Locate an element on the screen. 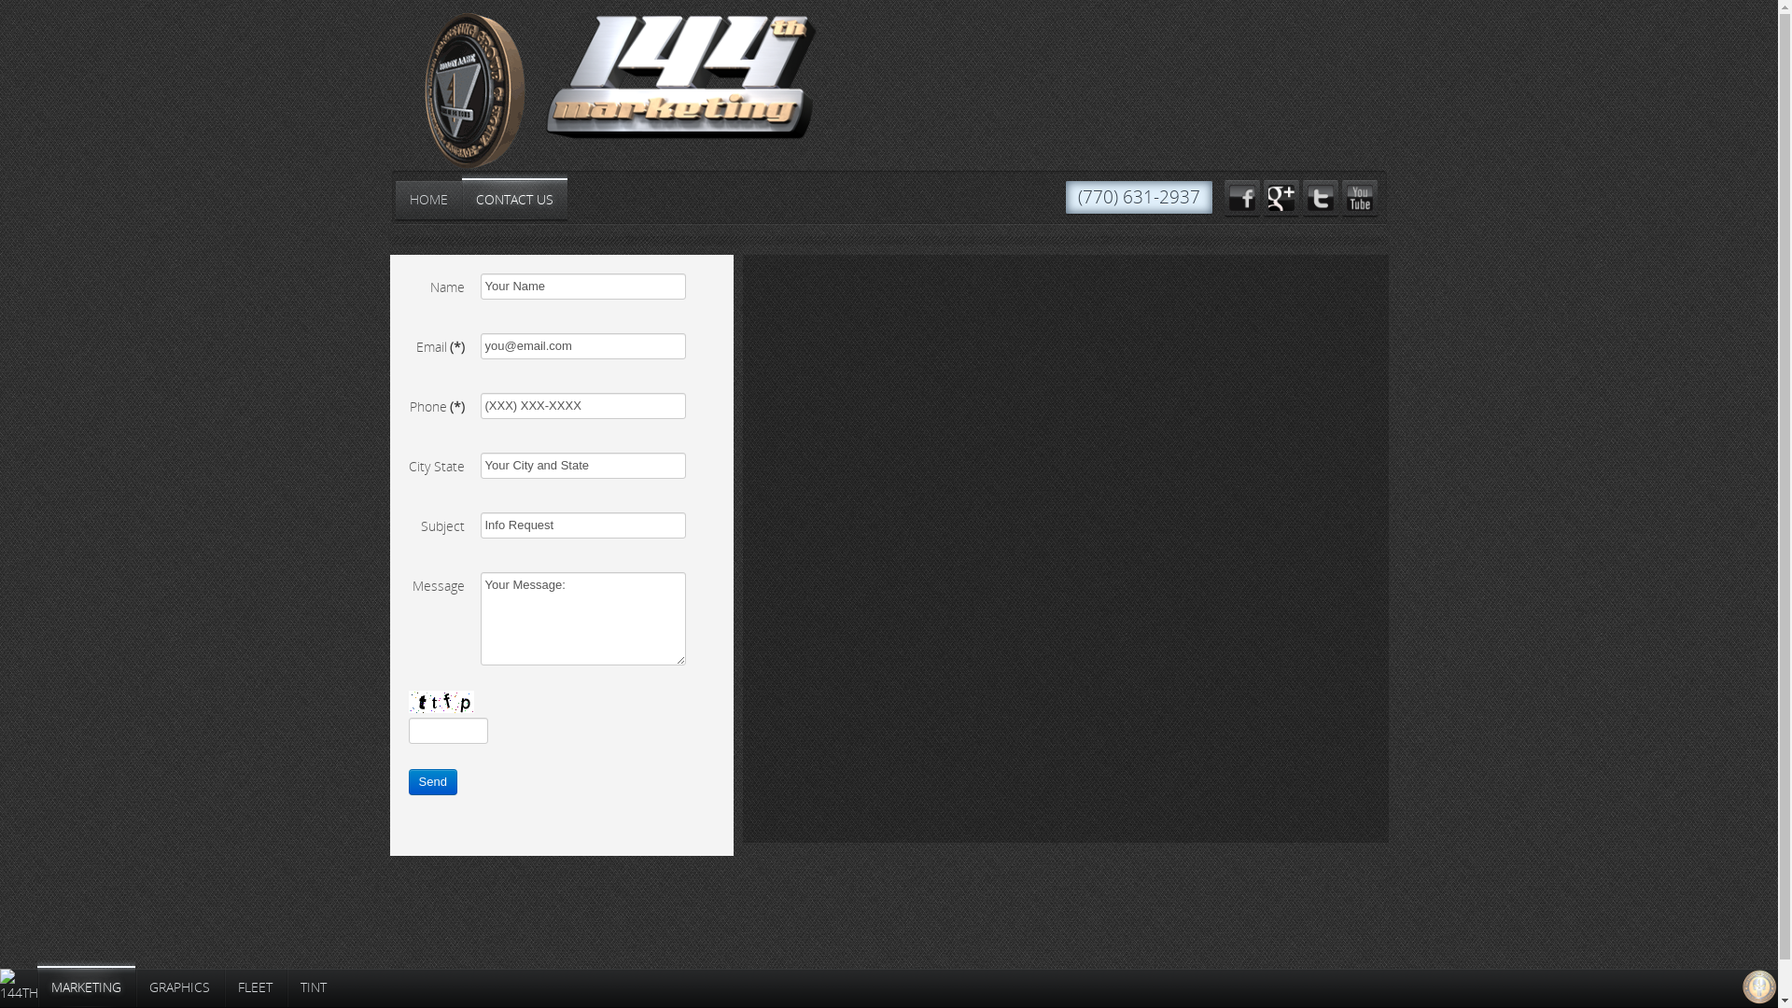  '144th Marketing Group' is located at coordinates (540, 76).